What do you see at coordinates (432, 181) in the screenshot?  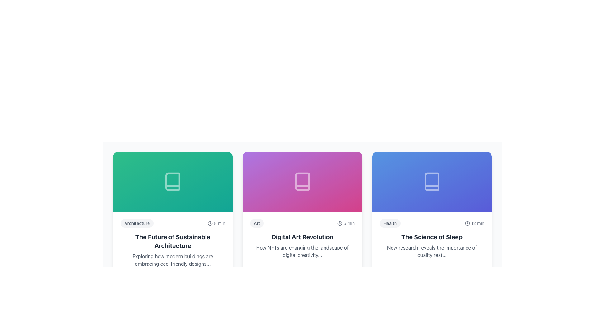 I see `the simplified book icon located in the top-center of the health-related card with a blue-gradient background` at bounding box center [432, 181].